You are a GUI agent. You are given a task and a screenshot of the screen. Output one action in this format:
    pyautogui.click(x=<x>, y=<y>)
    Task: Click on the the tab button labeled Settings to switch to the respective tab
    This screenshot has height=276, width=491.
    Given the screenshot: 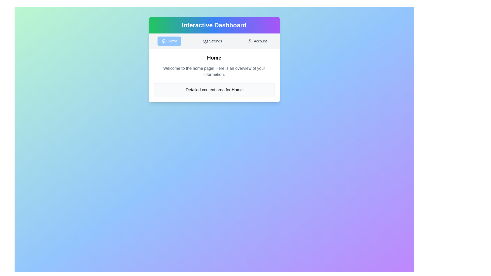 What is the action you would take?
    pyautogui.click(x=212, y=41)
    